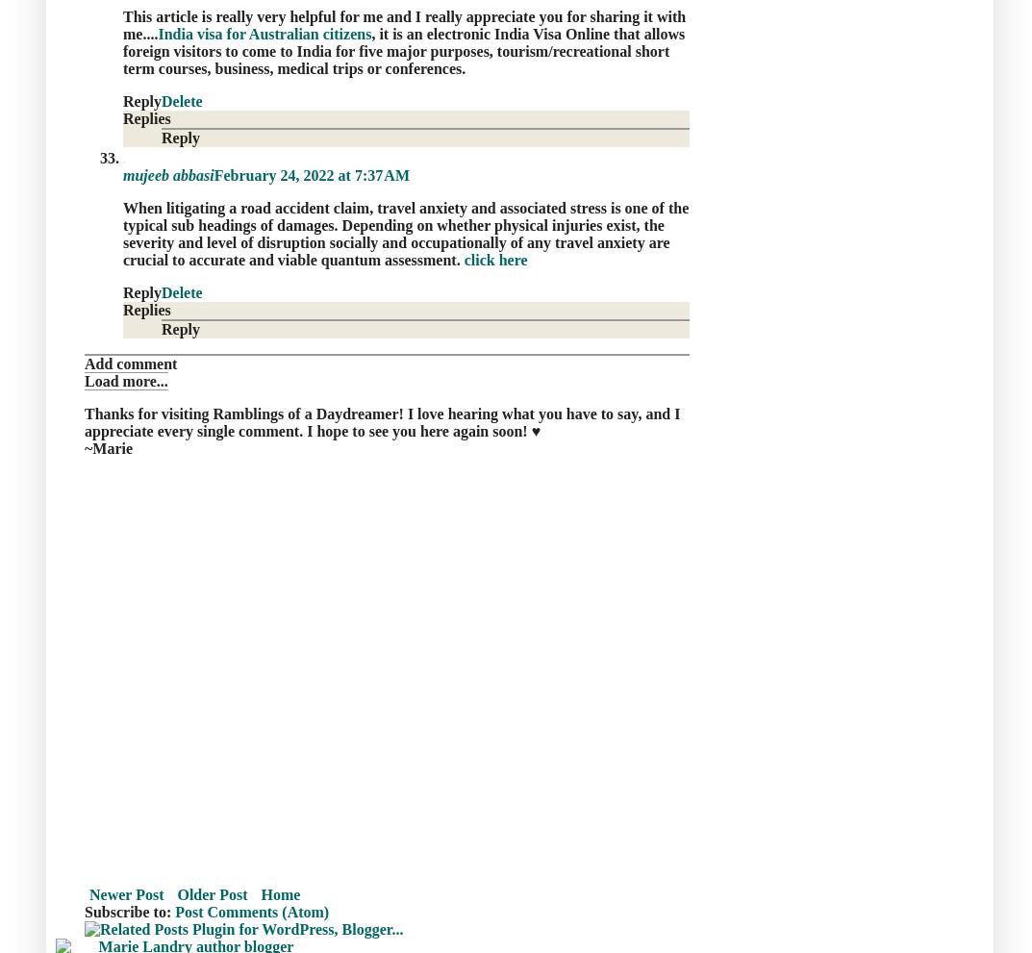  I want to click on ', it is an electronic India Visa Online that allows foreign visitors to come to India for five major purposes, tourism/recreational short term courses, business, medical trips or conferences.', so click(122, 50).